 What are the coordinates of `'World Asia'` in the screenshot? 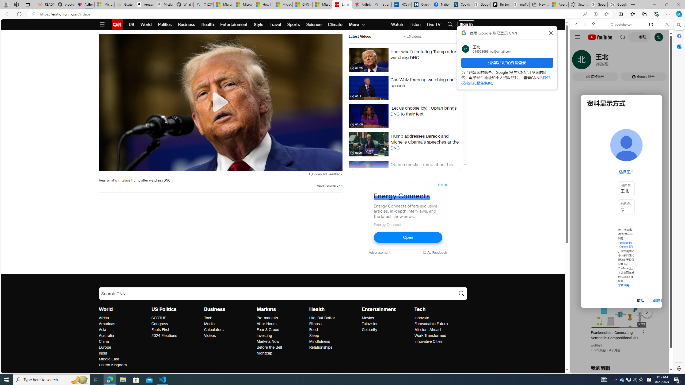 It's located at (102, 330).